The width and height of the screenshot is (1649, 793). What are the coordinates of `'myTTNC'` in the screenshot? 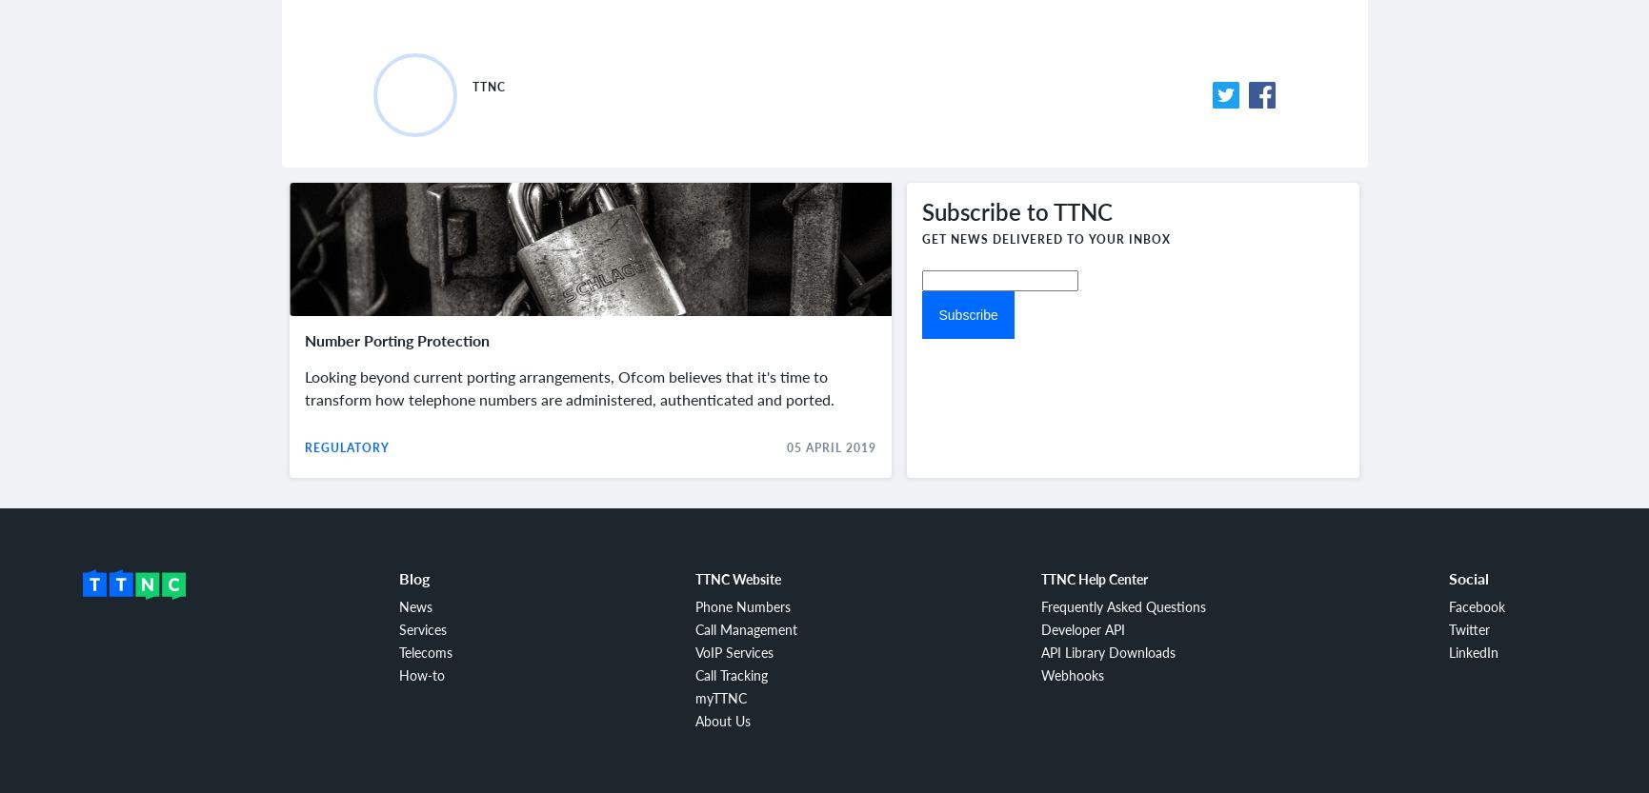 It's located at (720, 698).